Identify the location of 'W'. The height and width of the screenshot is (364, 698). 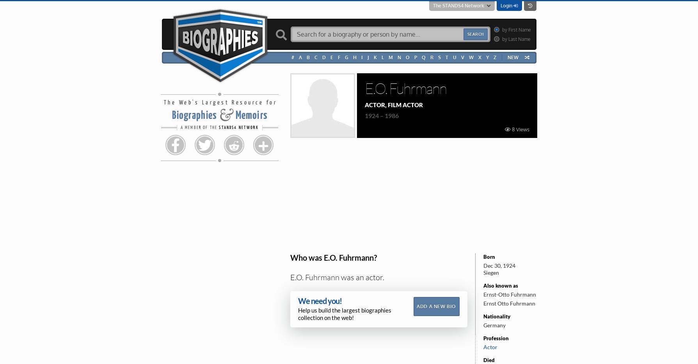
(471, 57).